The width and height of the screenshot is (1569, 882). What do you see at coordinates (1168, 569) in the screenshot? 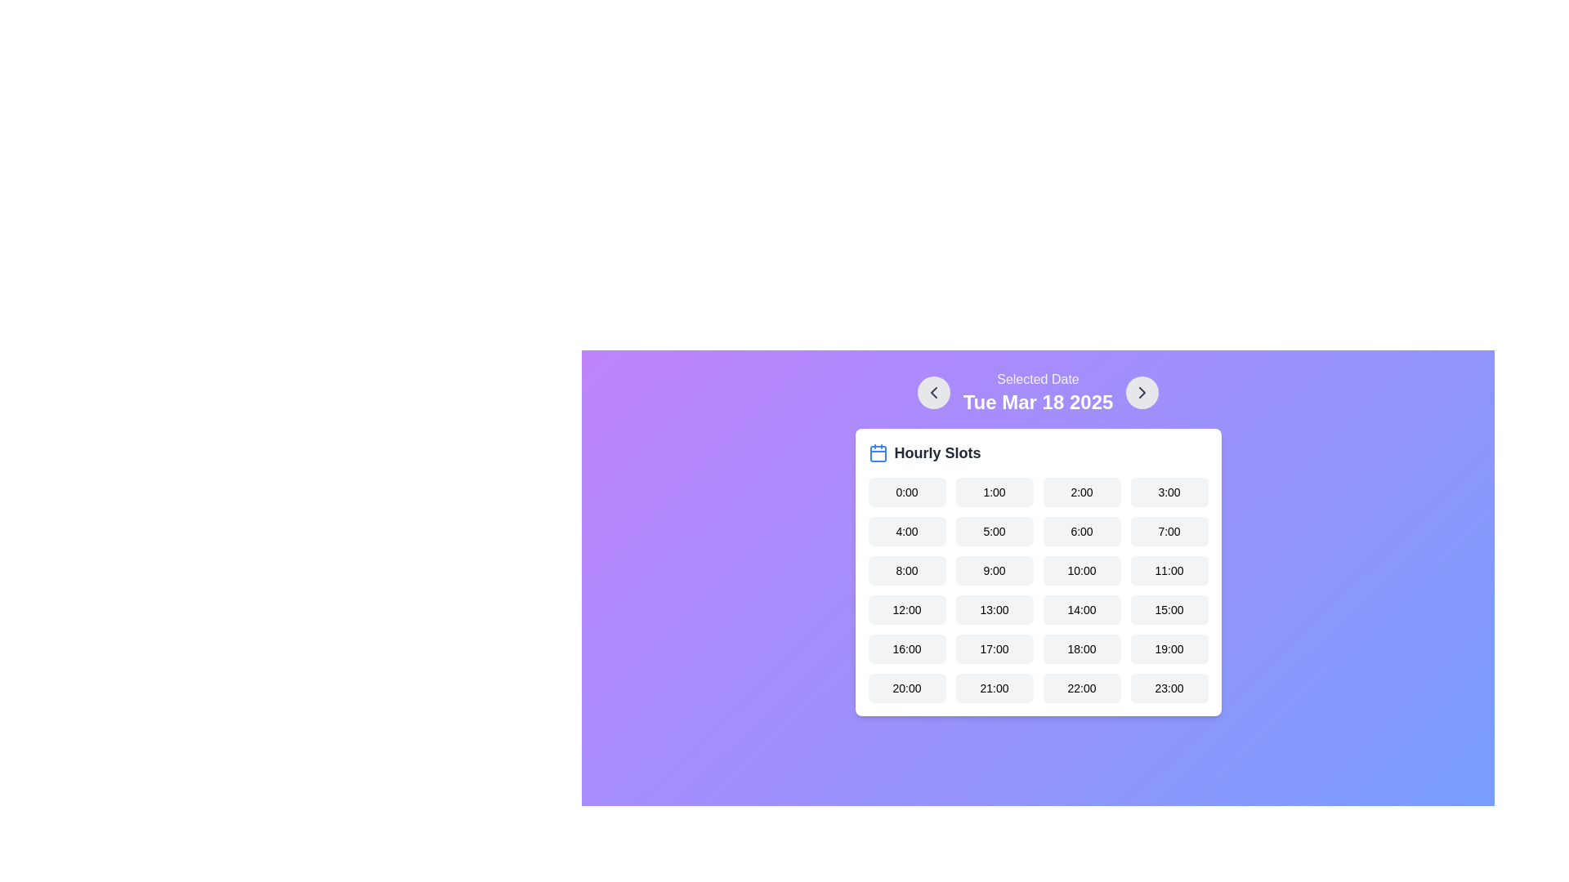
I see `the button labeled '11:00'` at bounding box center [1168, 569].